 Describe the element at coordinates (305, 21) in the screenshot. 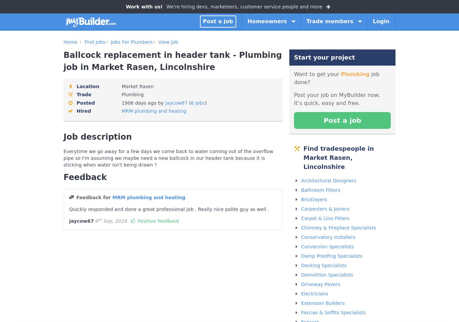

I see `'Trade members'` at that location.